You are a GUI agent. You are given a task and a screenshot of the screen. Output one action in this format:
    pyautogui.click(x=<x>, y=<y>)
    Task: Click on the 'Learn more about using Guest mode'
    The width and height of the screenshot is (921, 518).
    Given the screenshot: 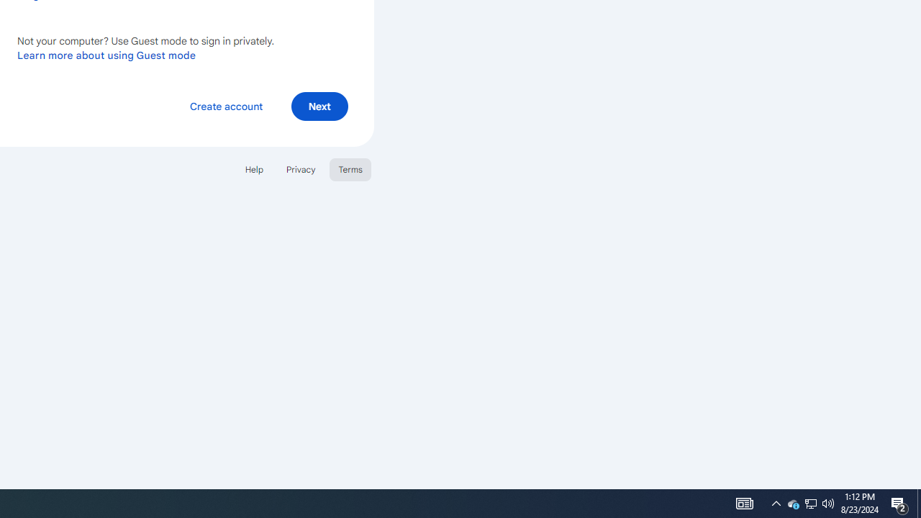 What is the action you would take?
    pyautogui.click(x=106, y=54)
    